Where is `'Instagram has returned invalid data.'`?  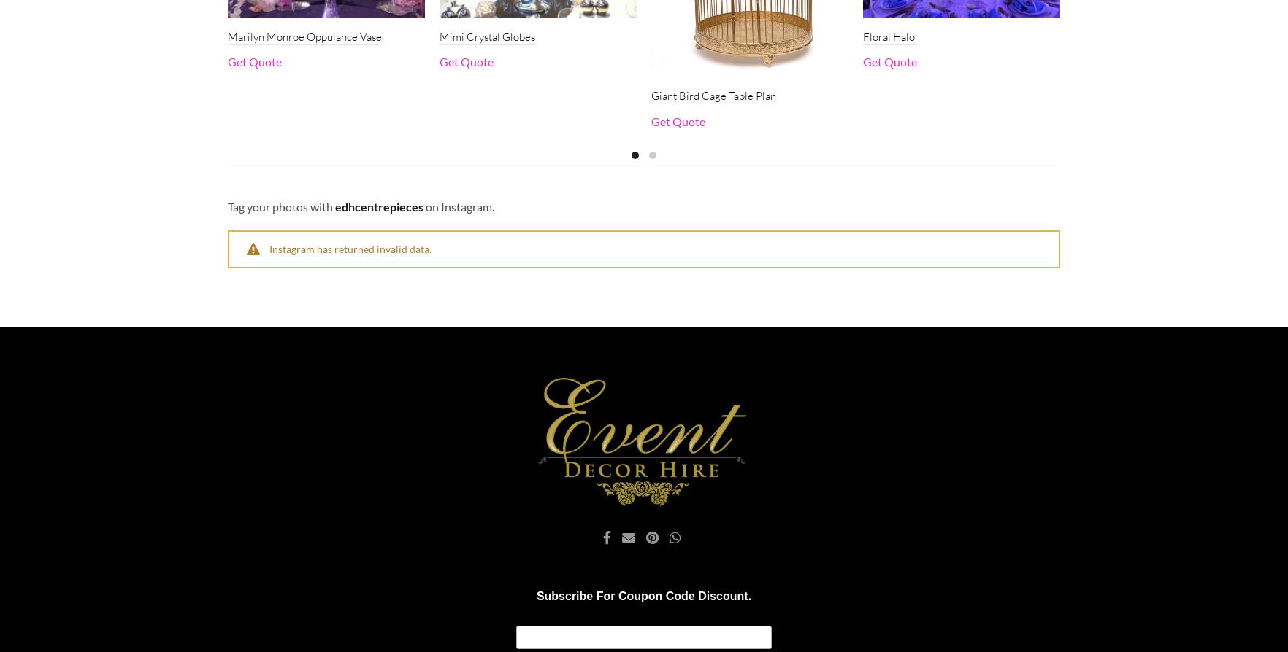
'Instagram has returned invalid data.' is located at coordinates (350, 248).